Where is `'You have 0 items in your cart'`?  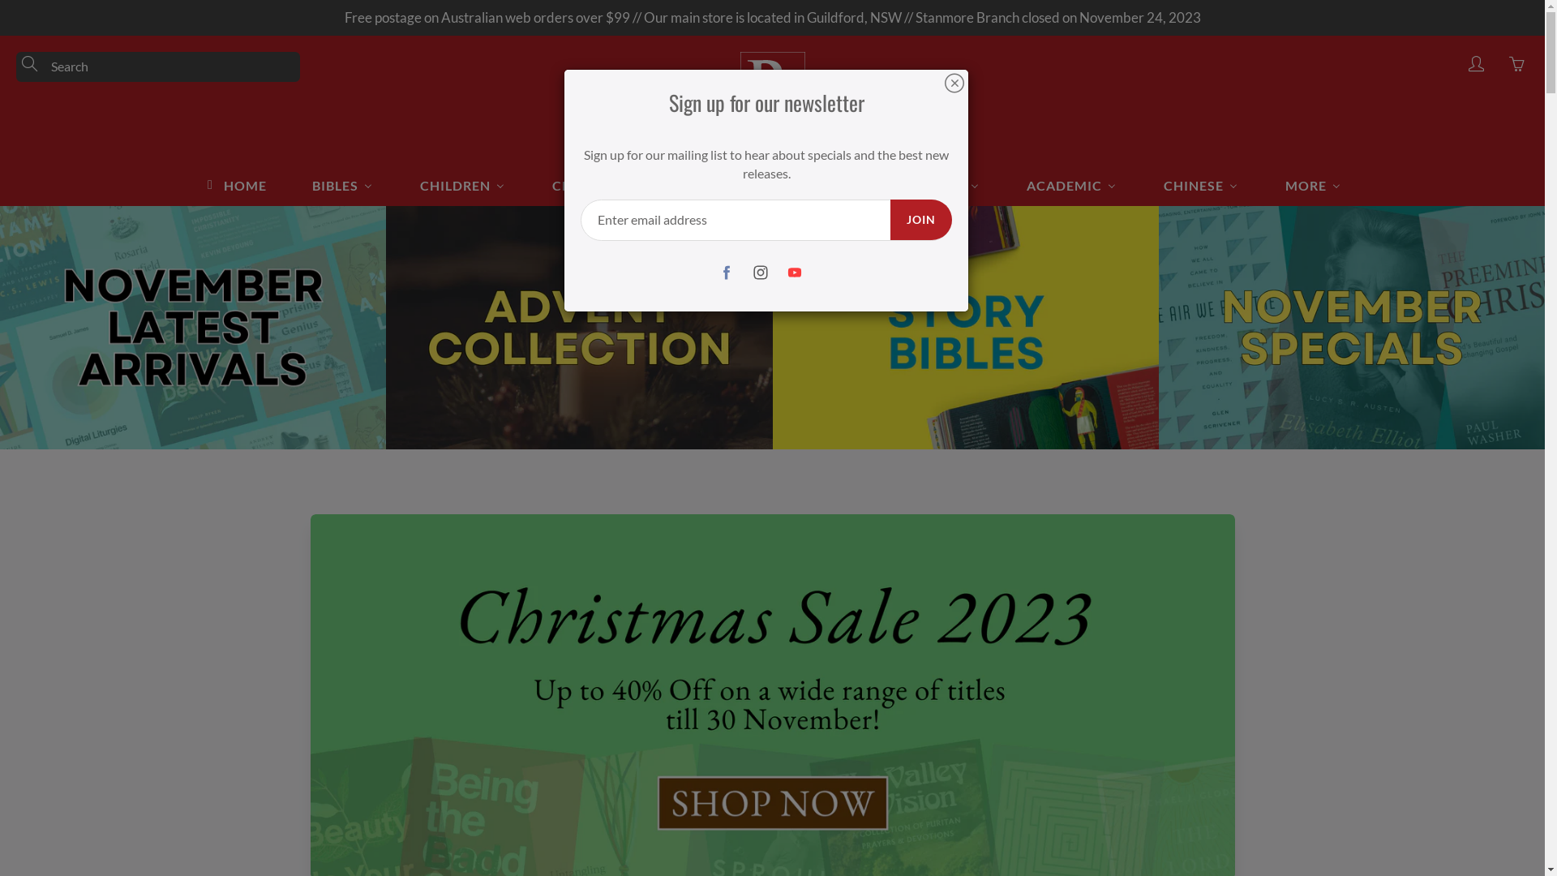
'You have 0 items in your cart' is located at coordinates (1516, 62).